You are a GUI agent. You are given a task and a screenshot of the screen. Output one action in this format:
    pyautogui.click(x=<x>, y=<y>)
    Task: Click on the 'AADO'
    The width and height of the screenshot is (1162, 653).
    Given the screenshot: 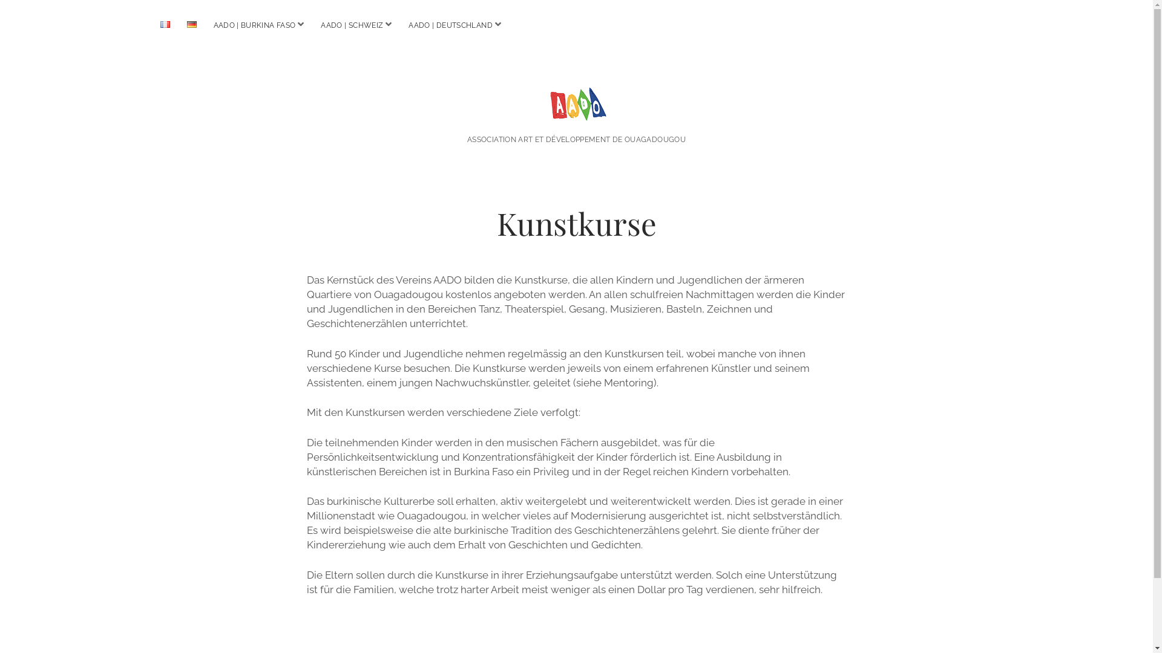 What is the action you would take?
    pyautogui.click(x=575, y=106)
    